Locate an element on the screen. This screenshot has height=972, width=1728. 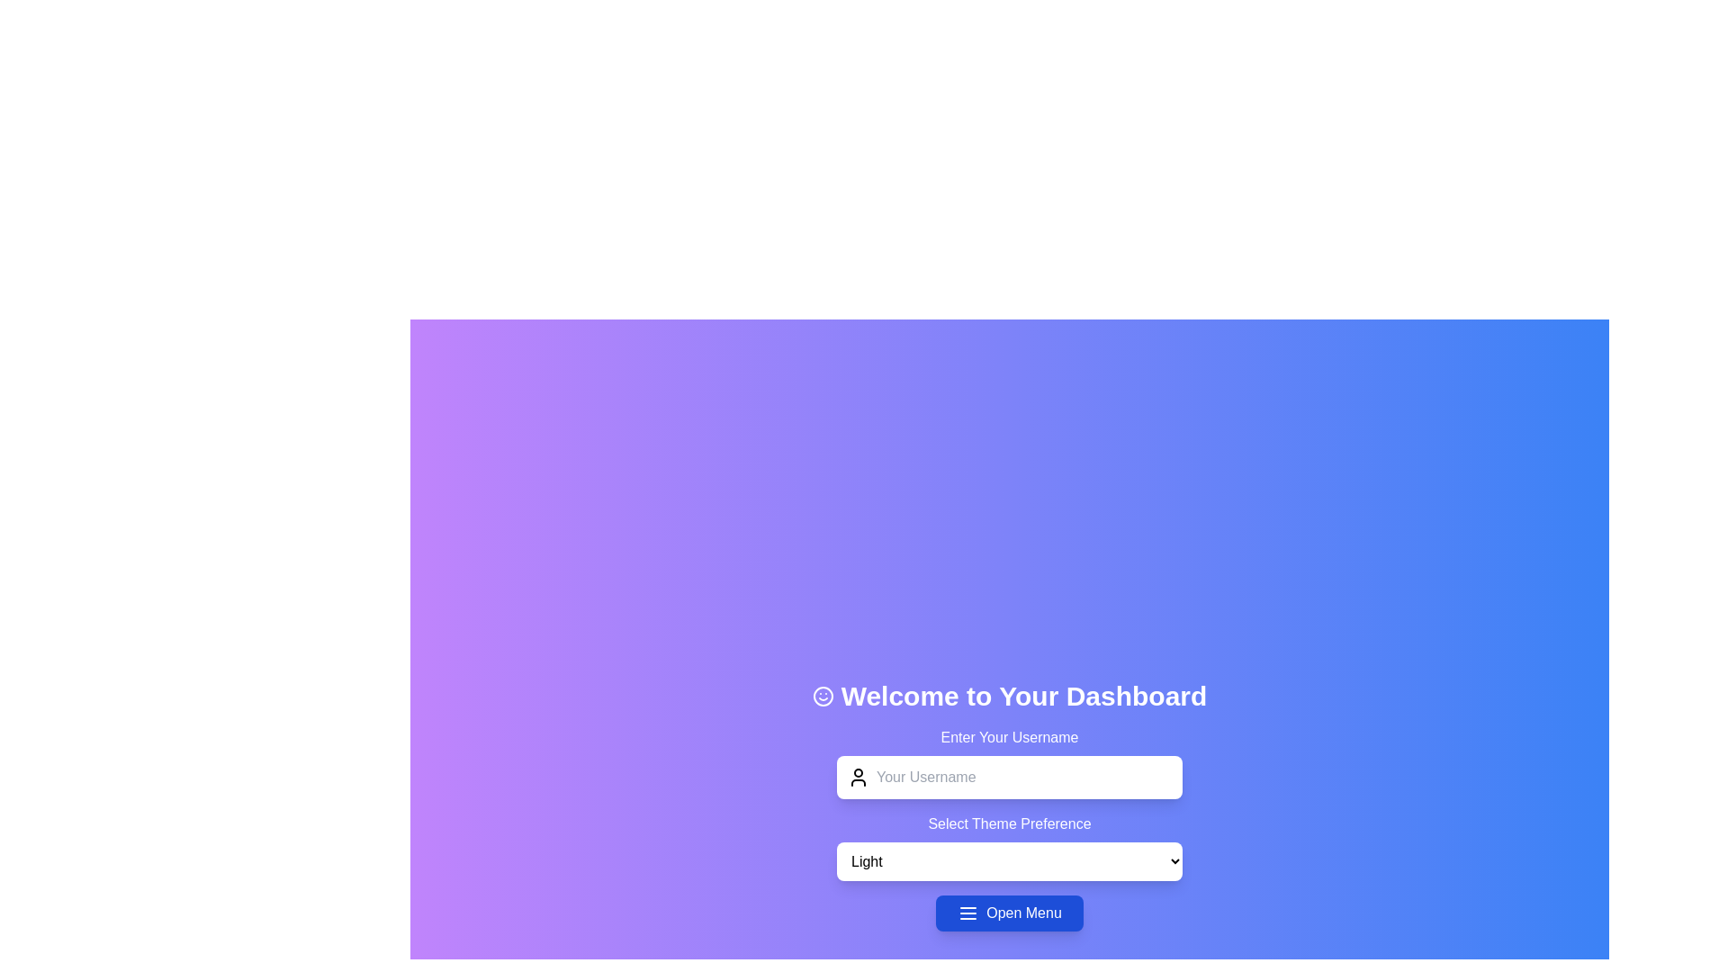
the appearance of the central circular part of the decorative icon displayed to the left of the 'Welcome to Your Dashboard' text is located at coordinates (822, 695).